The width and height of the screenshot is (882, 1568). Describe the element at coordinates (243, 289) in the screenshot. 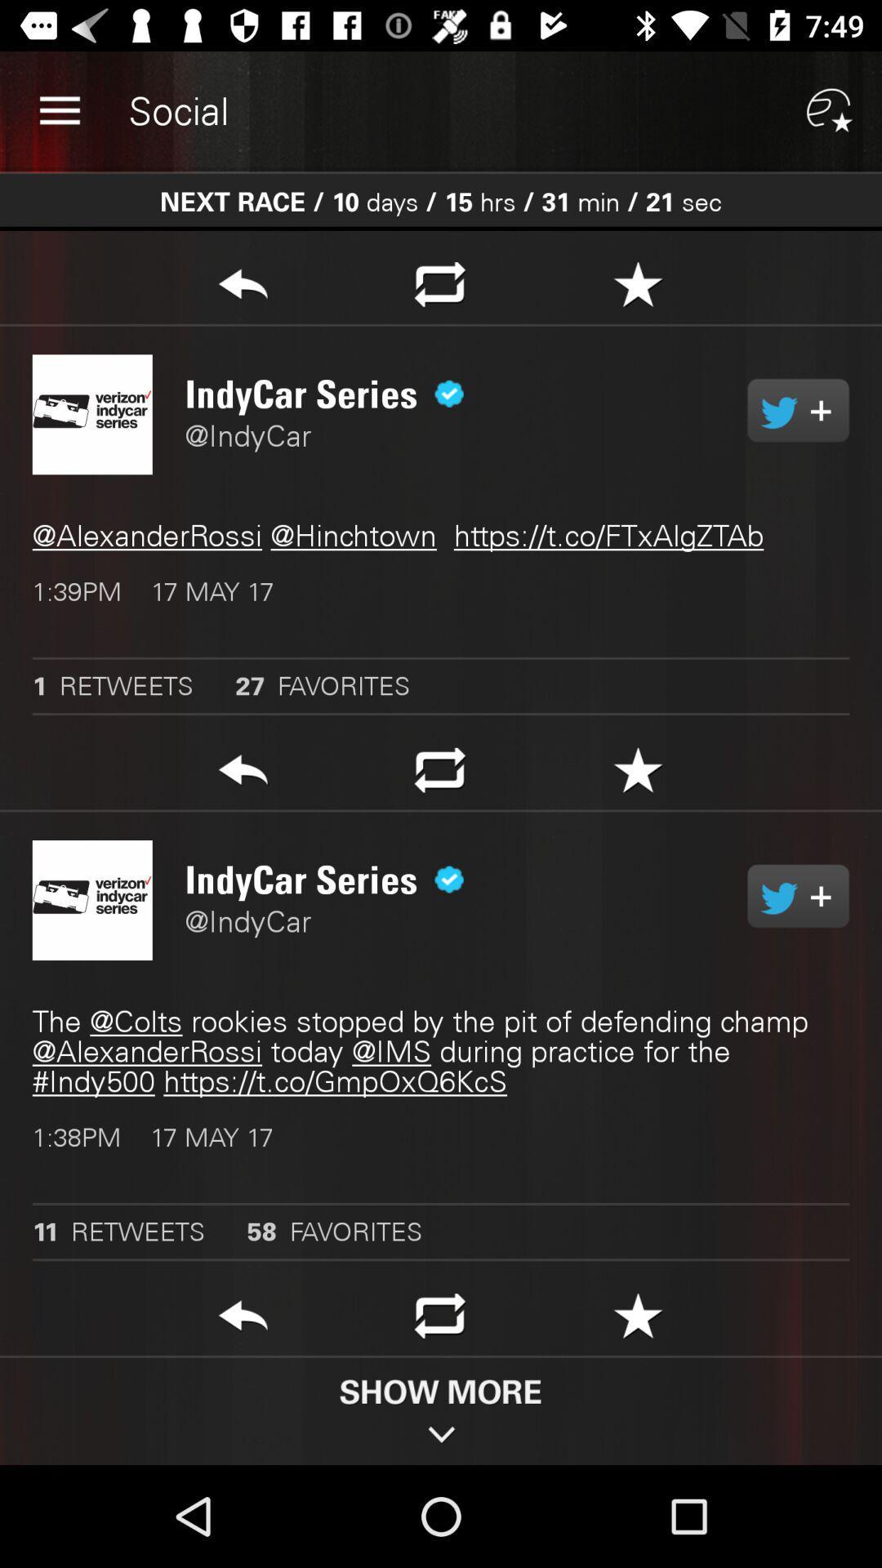

I see `share tweet` at that location.